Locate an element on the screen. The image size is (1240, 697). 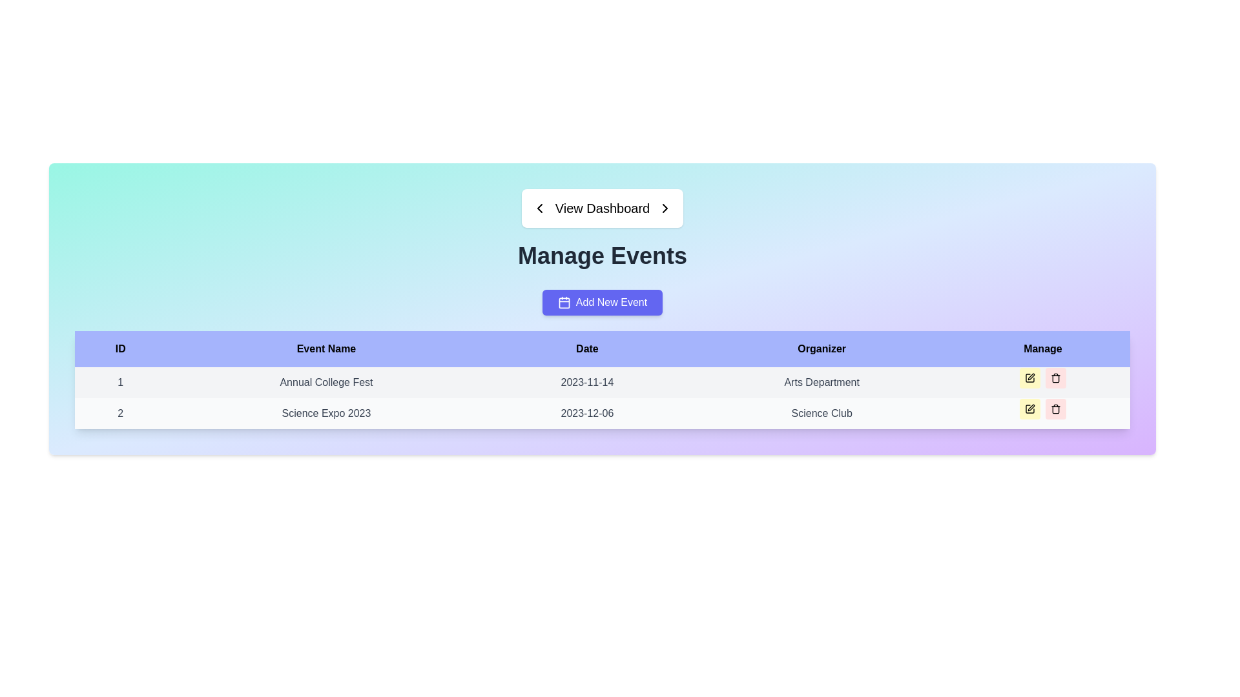
the calendar icon located centrally within the 'Add New Event' button, which is visually distinguished by its blue color and serves as a symbolic representation for event-related actions is located at coordinates (564, 303).